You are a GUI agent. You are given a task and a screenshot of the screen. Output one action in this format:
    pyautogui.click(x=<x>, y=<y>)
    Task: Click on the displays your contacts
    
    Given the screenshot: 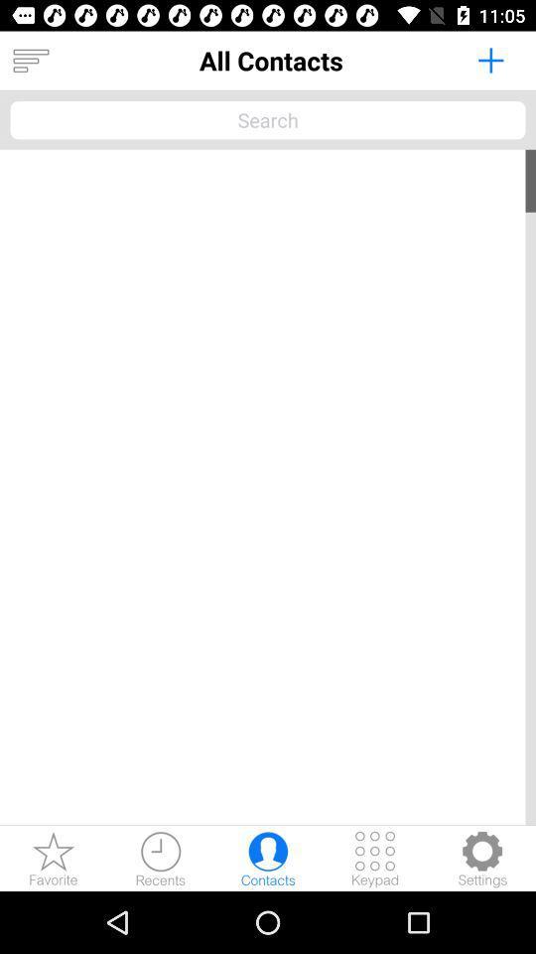 What is the action you would take?
    pyautogui.click(x=30, y=61)
    